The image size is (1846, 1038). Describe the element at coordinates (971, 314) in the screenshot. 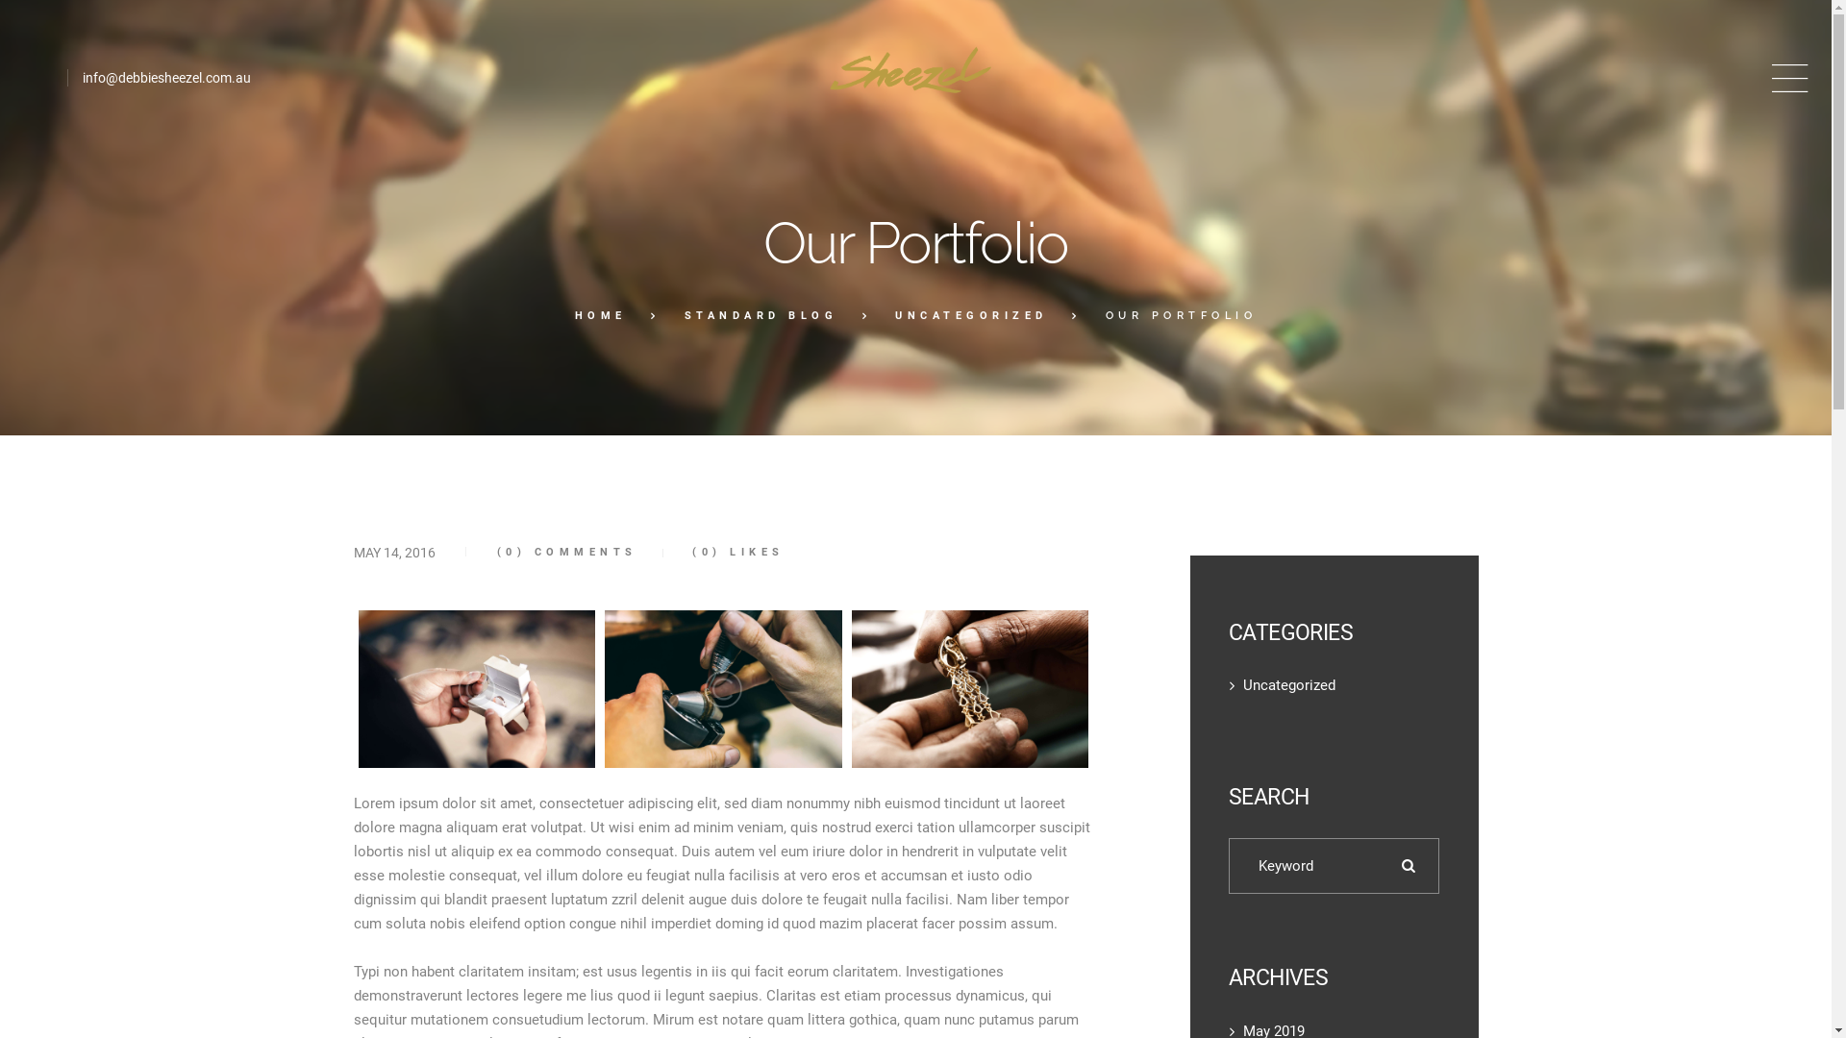

I see `'UNCATEGORIZED'` at that location.